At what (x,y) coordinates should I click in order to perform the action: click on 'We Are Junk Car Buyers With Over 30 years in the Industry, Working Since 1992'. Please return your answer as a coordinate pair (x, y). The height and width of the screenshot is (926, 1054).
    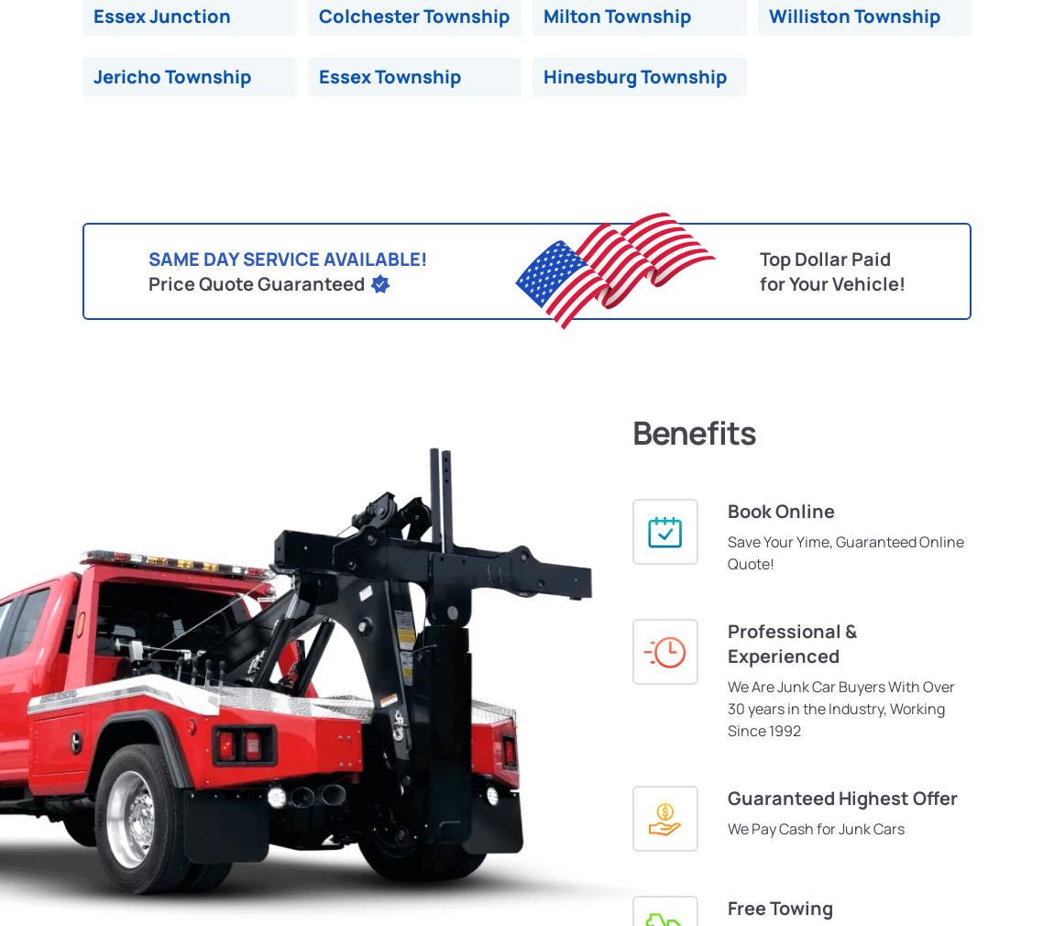
    Looking at the image, I should click on (841, 708).